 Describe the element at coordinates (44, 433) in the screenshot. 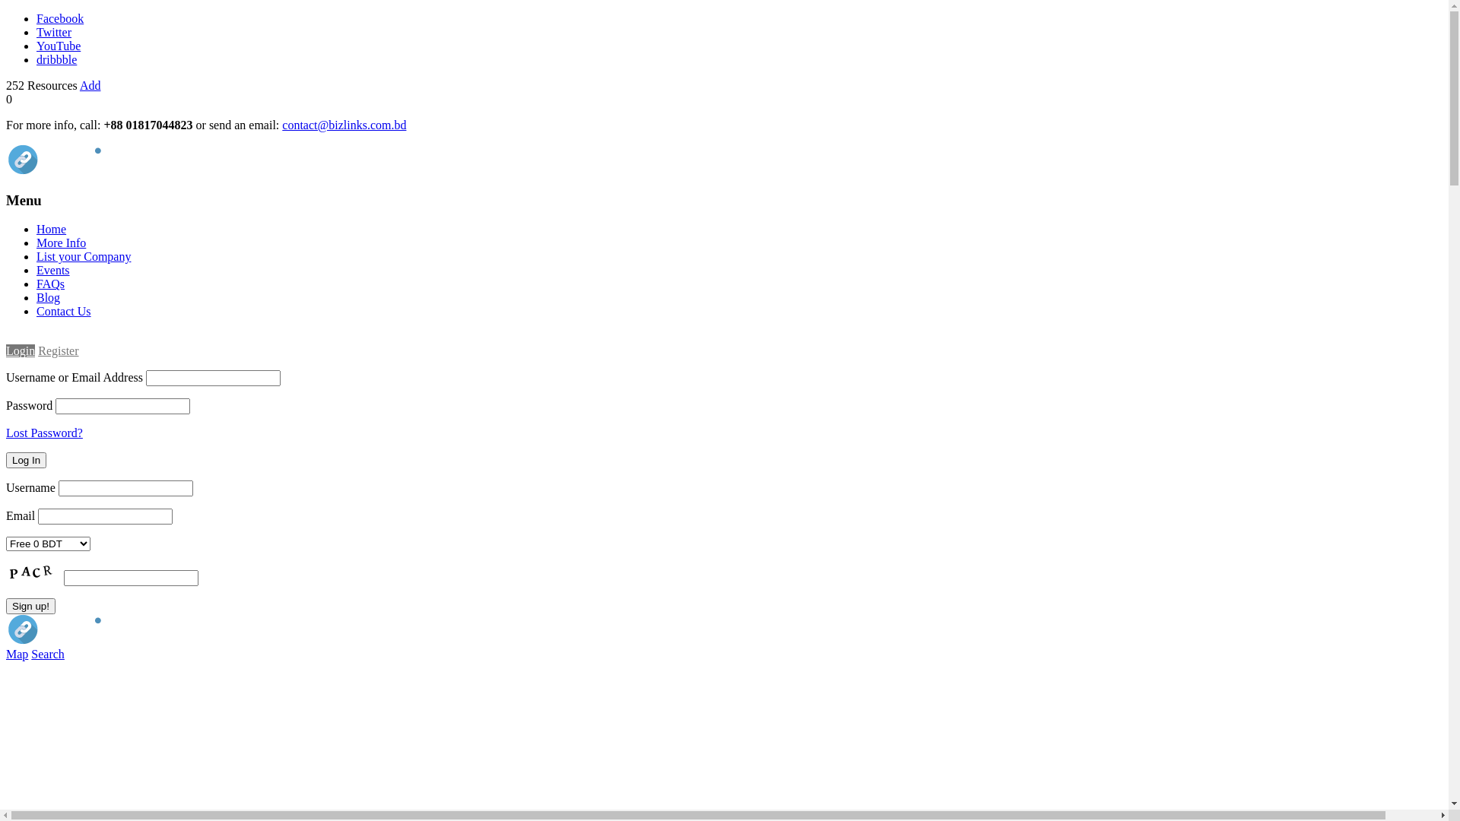

I see `'Lost Password?'` at that location.